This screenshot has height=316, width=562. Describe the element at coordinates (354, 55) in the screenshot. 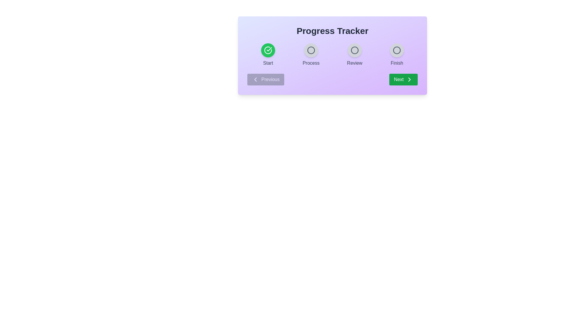

I see `the center of the progress step indicator labeled 'Review', which is the third element in the 'Progress Tracker' series` at that location.